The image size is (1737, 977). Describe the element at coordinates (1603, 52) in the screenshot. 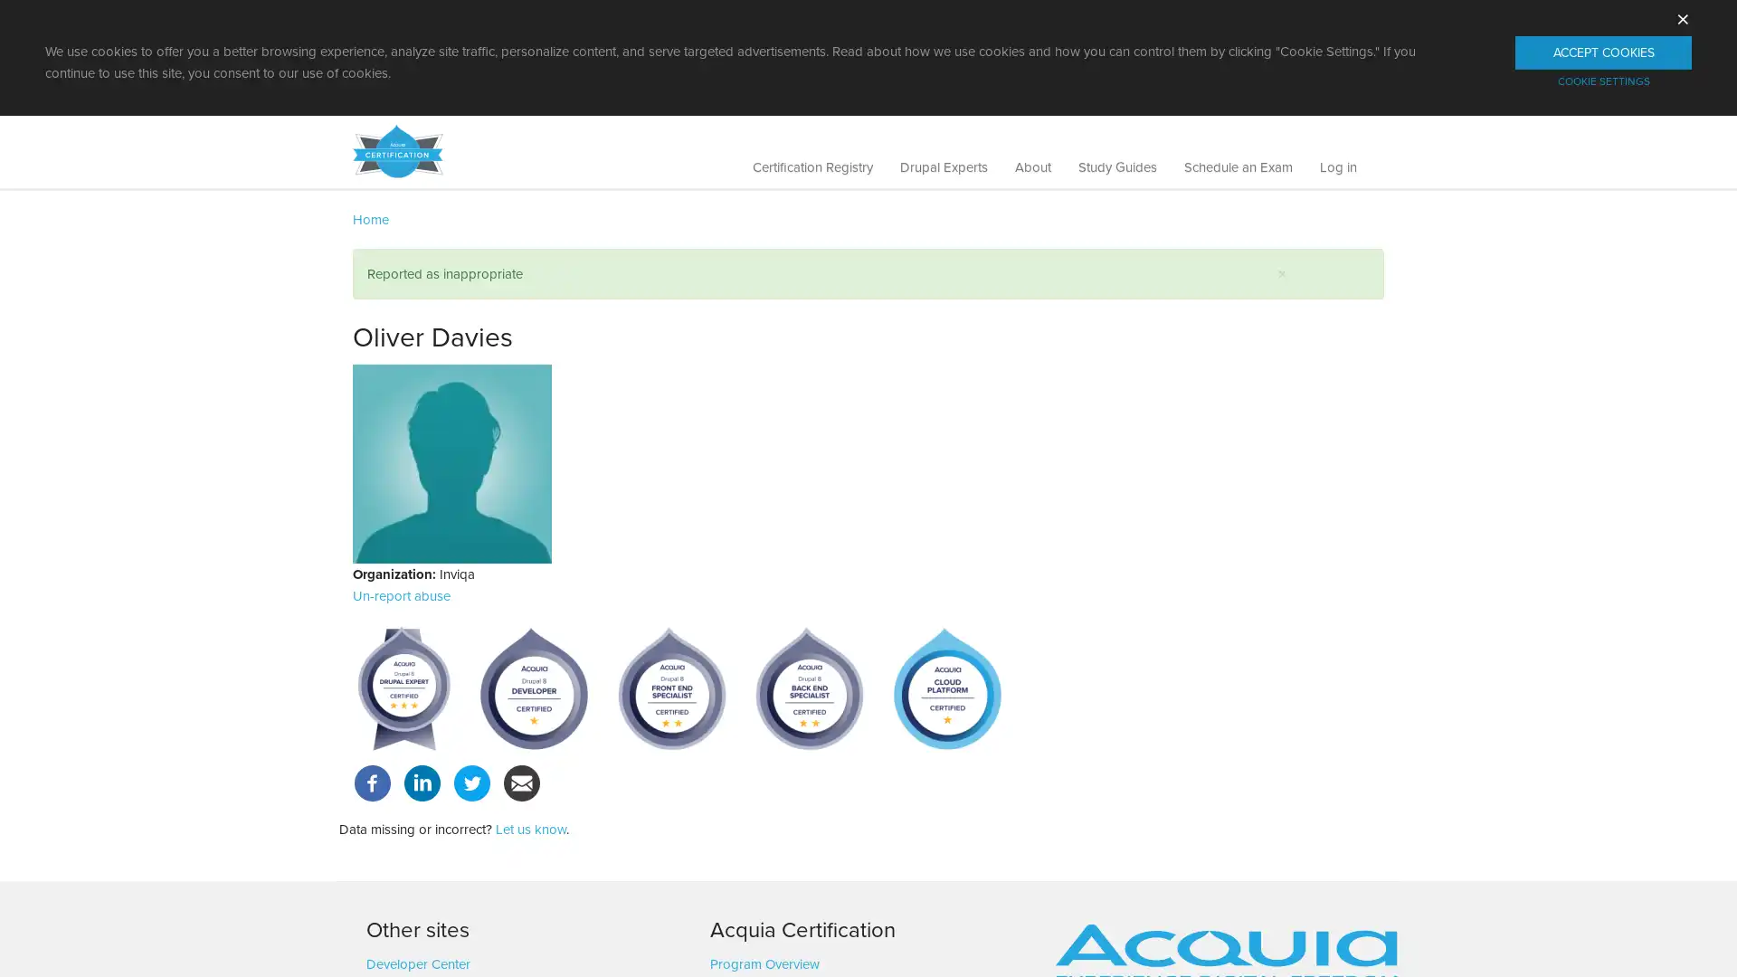

I see `ACCEPT COOKIES` at that location.